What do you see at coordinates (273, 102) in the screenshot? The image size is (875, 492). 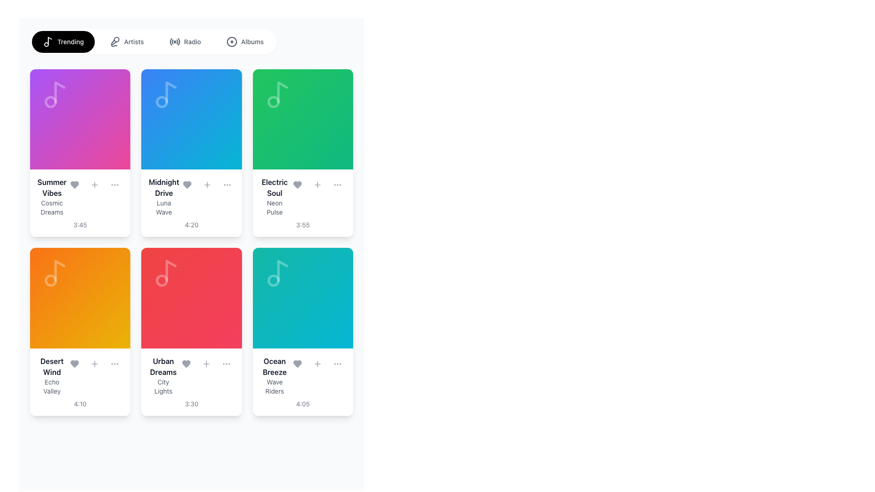 I see `the decorative circle part of the music note icon located on the upper section of the third card in the first row of a grid layout labeled 'Electric Soul'` at bounding box center [273, 102].